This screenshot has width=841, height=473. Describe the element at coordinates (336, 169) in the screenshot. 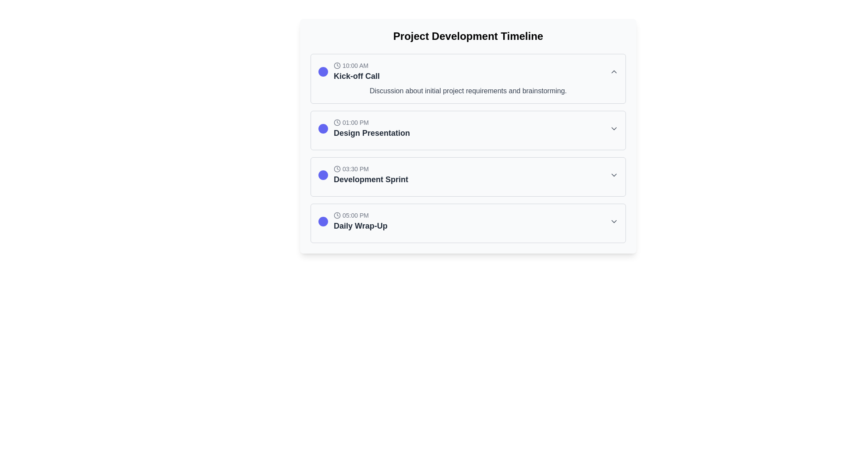

I see `the circle icon representing the clock or time indicator in the third event row of the timeline, adjacent to the text 'Development Sprint'` at that location.